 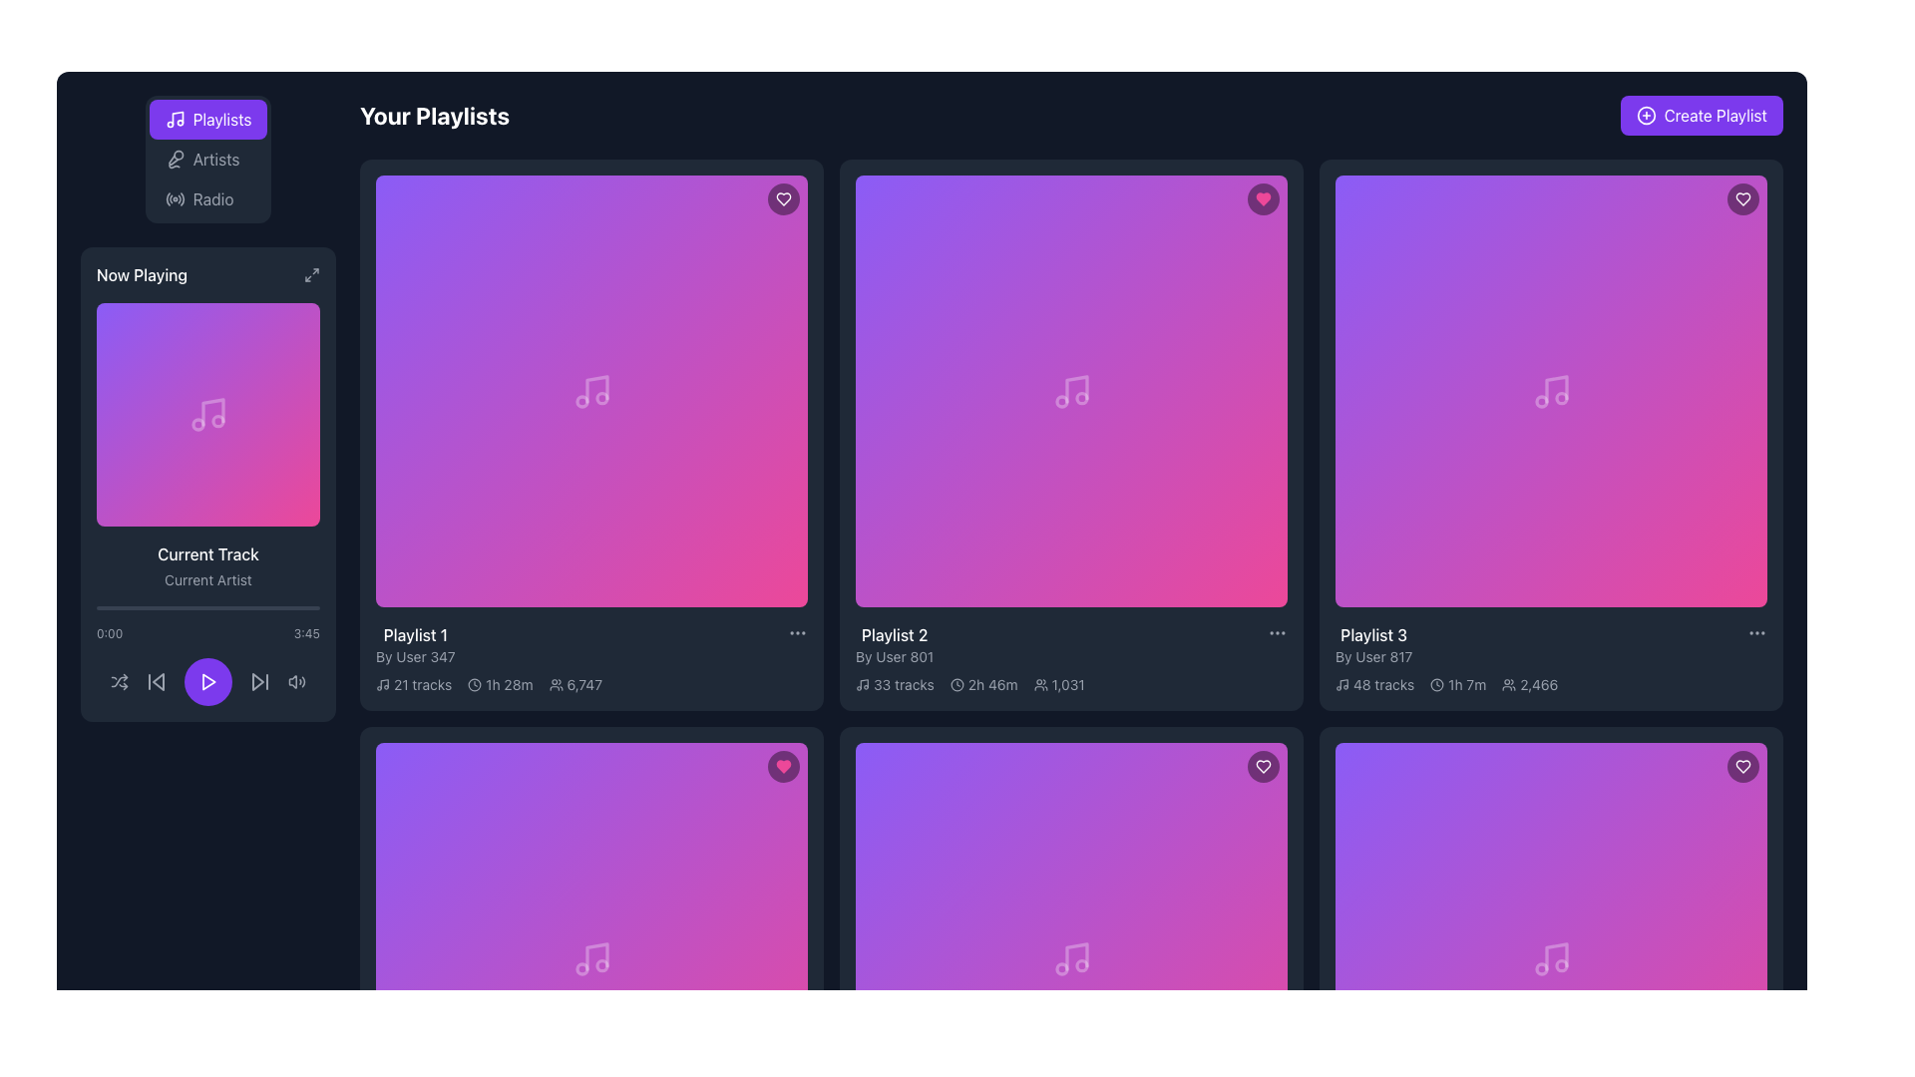 What do you see at coordinates (208, 553) in the screenshot?
I see `text from the label that indicates the current track being played in the 'Now Playing' section, positioned below the album artwork and above the 'Current Artist' label` at bounding box center [208, 553].